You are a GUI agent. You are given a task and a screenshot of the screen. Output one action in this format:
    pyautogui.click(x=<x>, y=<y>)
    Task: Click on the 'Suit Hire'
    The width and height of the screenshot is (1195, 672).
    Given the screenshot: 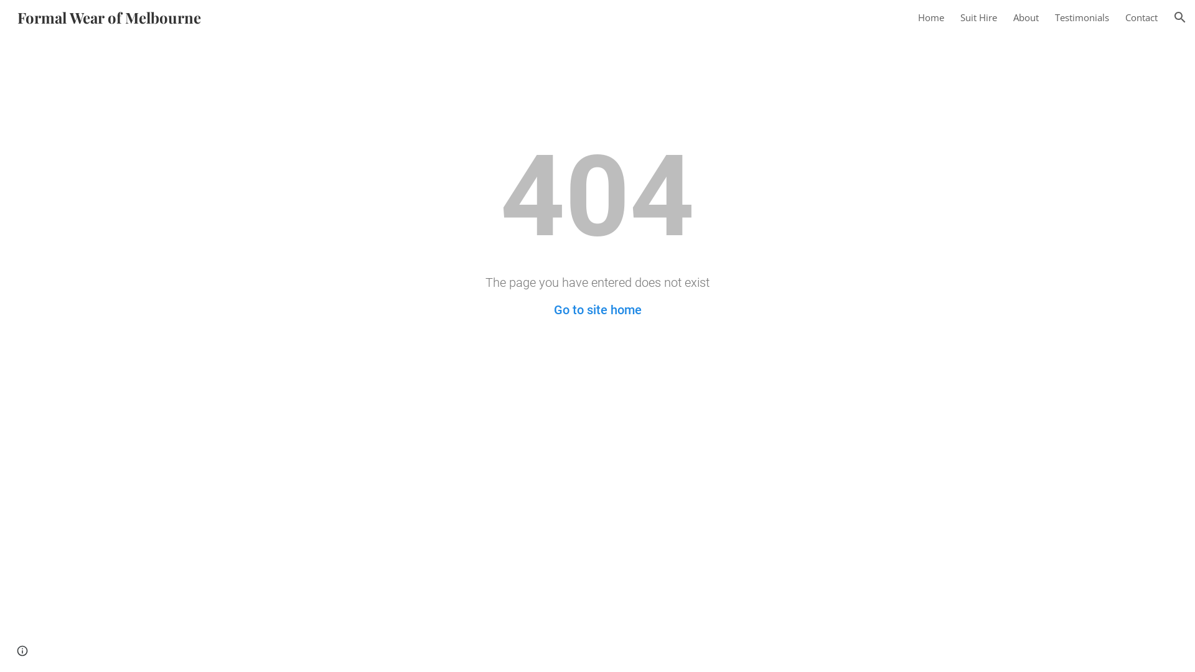 What is the action you would take?
    pyautogui.click(x=978, y=17)
    